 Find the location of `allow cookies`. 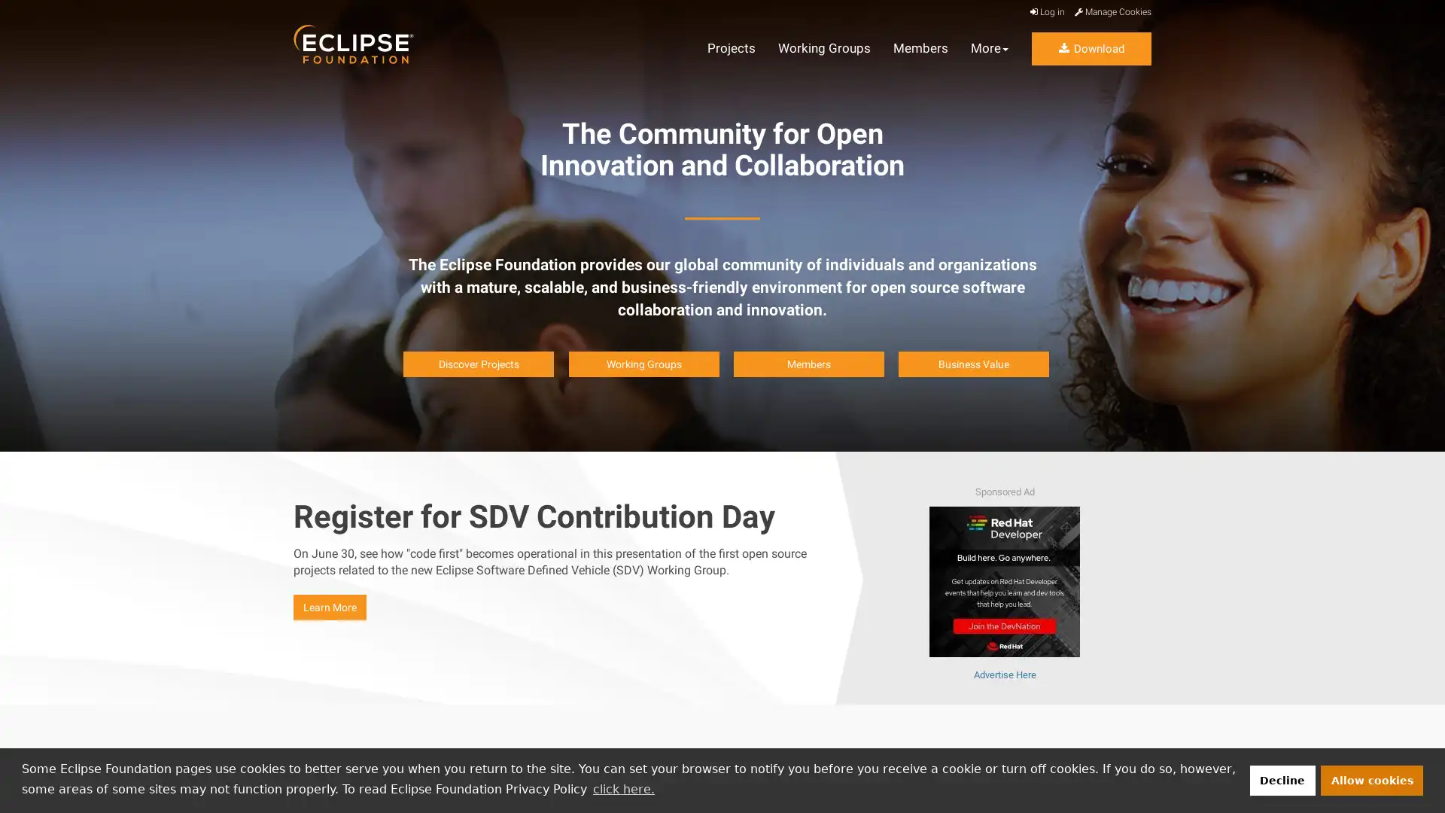

allow cookies is located at coordinates (1372, 779).